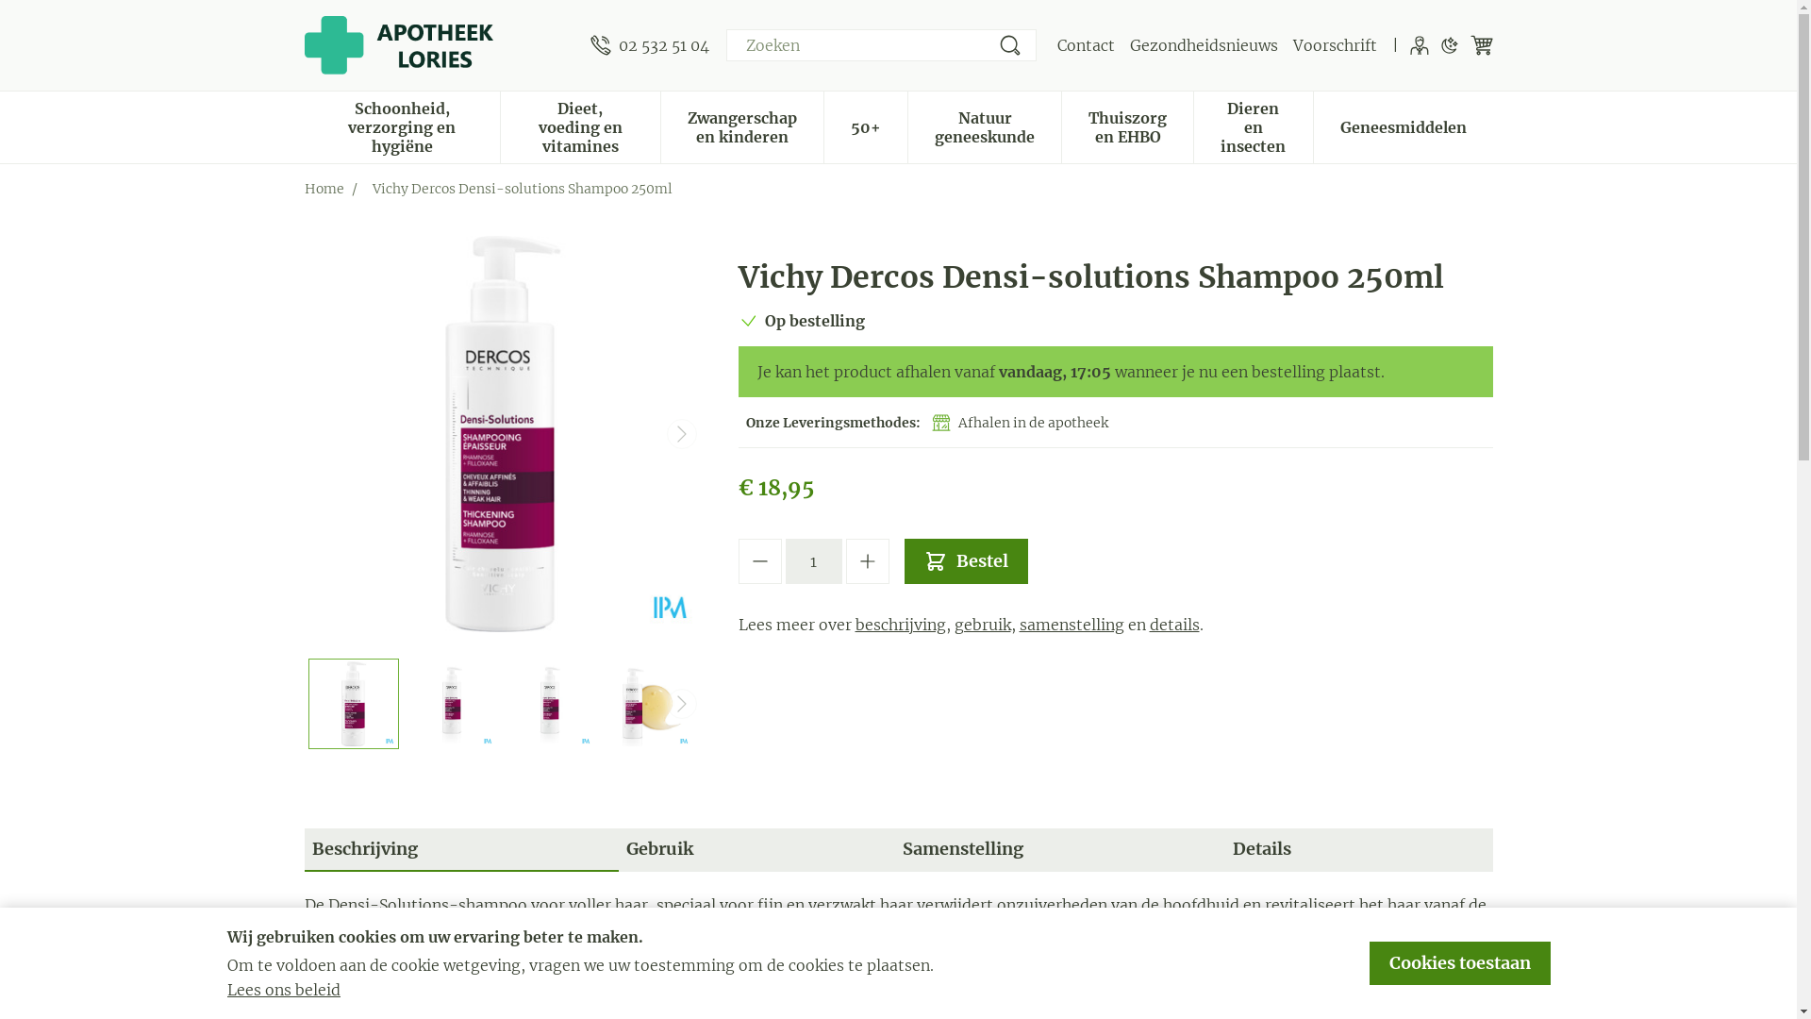 This screenshot has width=1811, height=1019. Describe the element at coordinates (650, 43) in the screenshot. I see `'02 532 51 04'` at that location.